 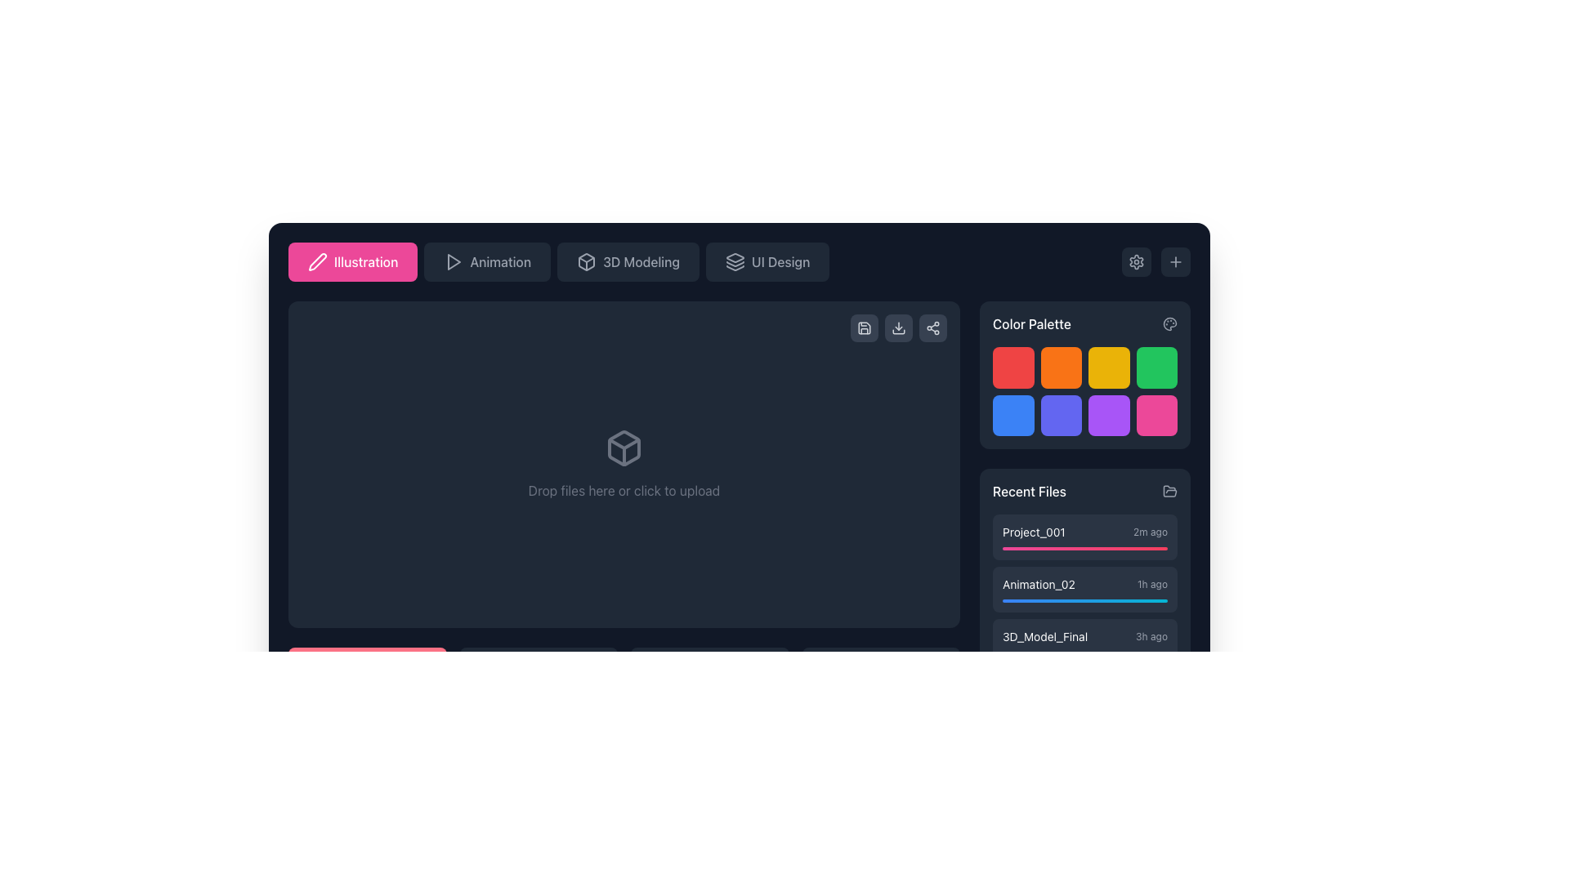 I want to click on the timestamp text label indicating the time elapsed since the '3D_Model_Final' file was last modified, located in the 'Recent Files' section on the right sidebar, so click(x=1151, y=635).